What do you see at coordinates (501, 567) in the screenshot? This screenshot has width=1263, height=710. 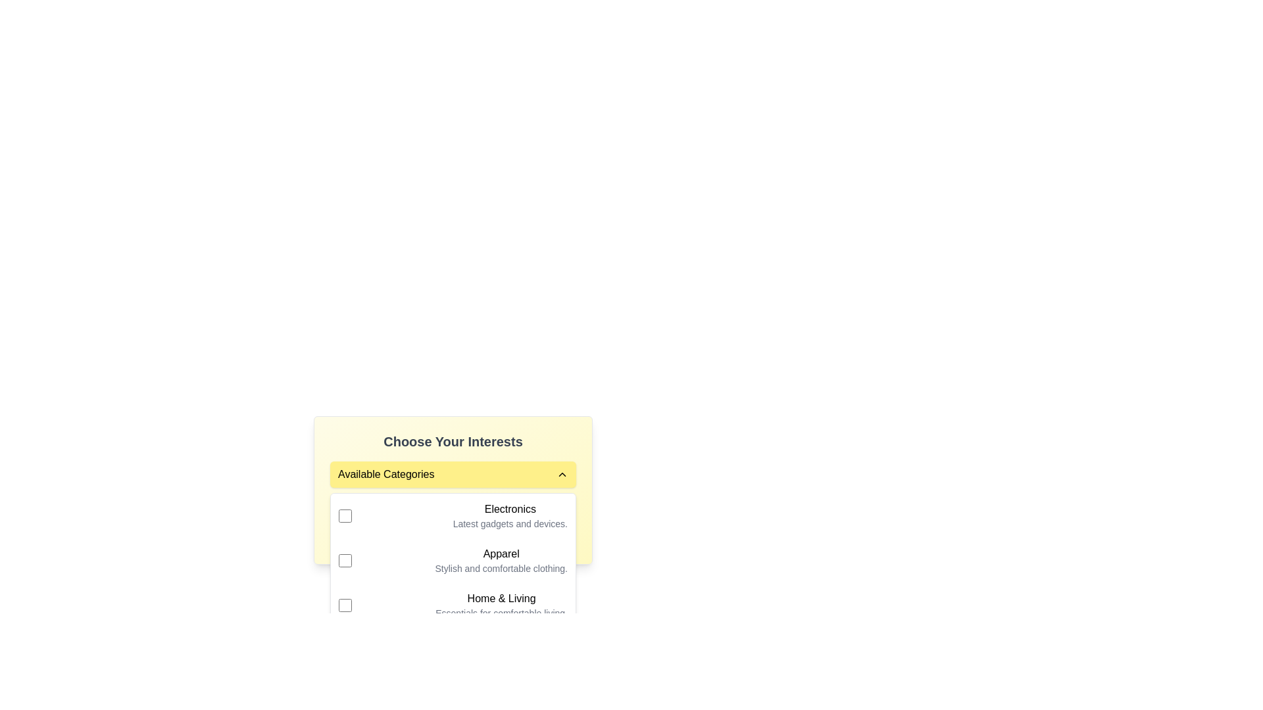 I see `the static text element providing additional descriptive information about the 'Apparel' category, located directly beneath the 'Apparel' heading in the 'Available Categories' group` at bounding box center [501, 567].